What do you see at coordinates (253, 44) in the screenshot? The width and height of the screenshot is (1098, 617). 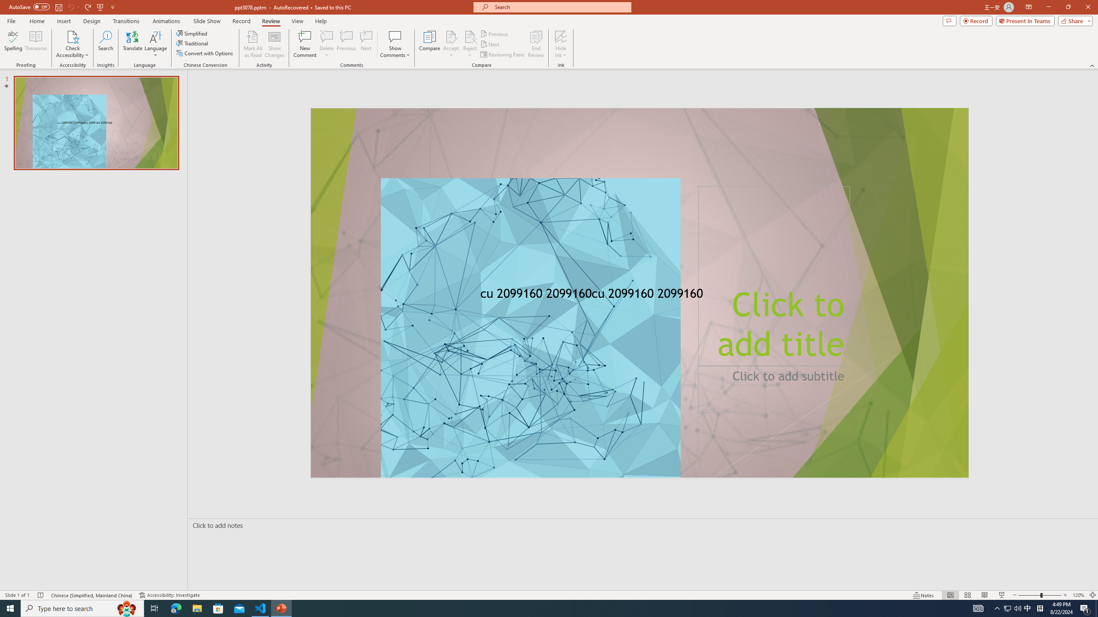 I see `'Mark All as Read'` at bounding box center [253, 44].